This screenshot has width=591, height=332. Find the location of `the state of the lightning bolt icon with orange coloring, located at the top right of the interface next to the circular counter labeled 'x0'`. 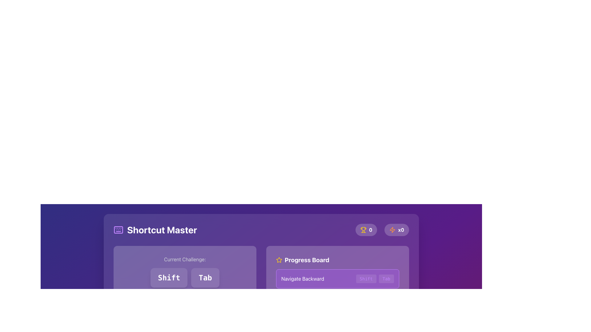

the state of the lightning bolt icon with orange coloring, located at the top right of the interface next to the circular counter labeled 'x0' is located at coordinates (392, 230).